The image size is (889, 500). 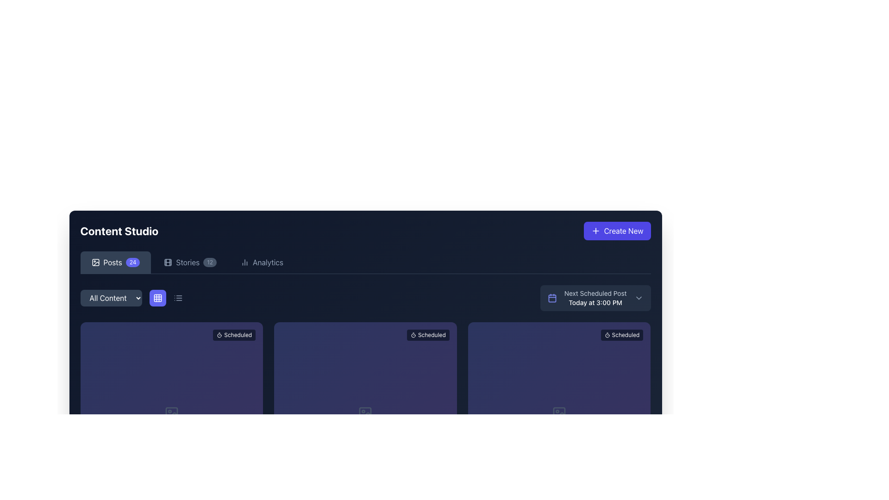 What do you see at coordinates (168, 262) in the screenshot?
I see `the film icon within the 'Stories' button on the top navigation bar, which is represented as a small SVG graphic resembling a film strip` at bounding box center [168, 262].